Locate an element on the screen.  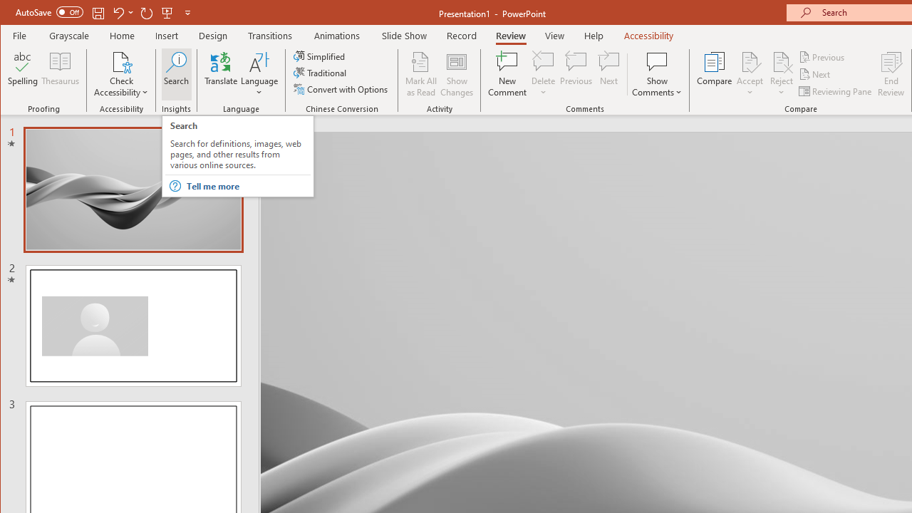
'Reviewing Pane' is located at coordinates (836, 91).